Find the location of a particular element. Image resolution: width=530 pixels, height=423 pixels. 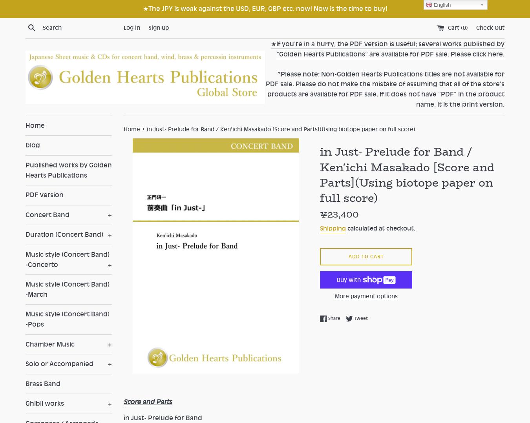

'English' is located at coordinates (441, 5).